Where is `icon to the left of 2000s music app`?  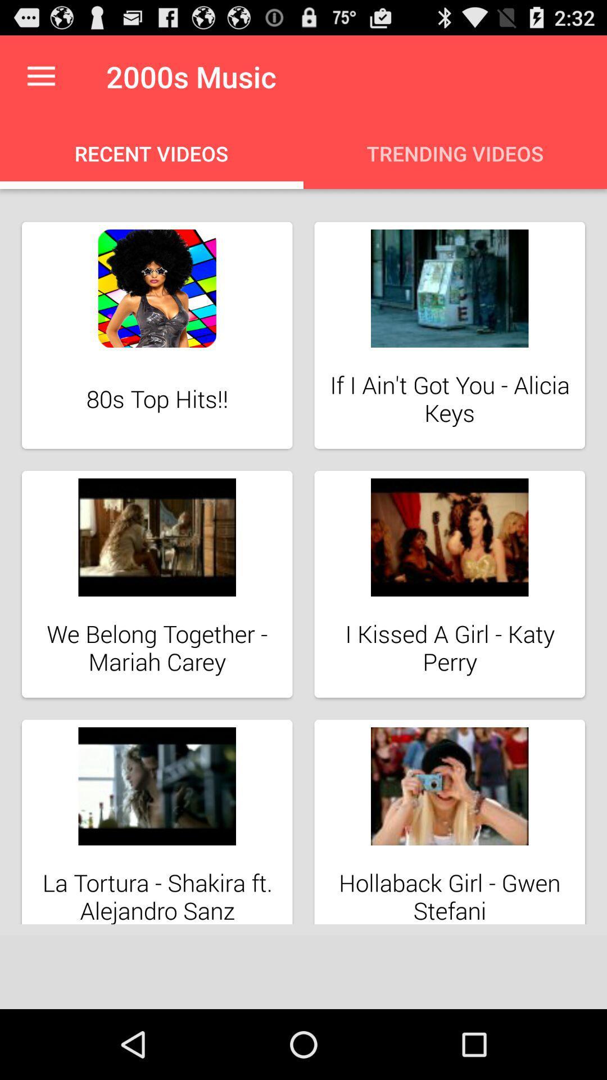
icon to the left of 2000s music app is located at coordinates (40, 76).